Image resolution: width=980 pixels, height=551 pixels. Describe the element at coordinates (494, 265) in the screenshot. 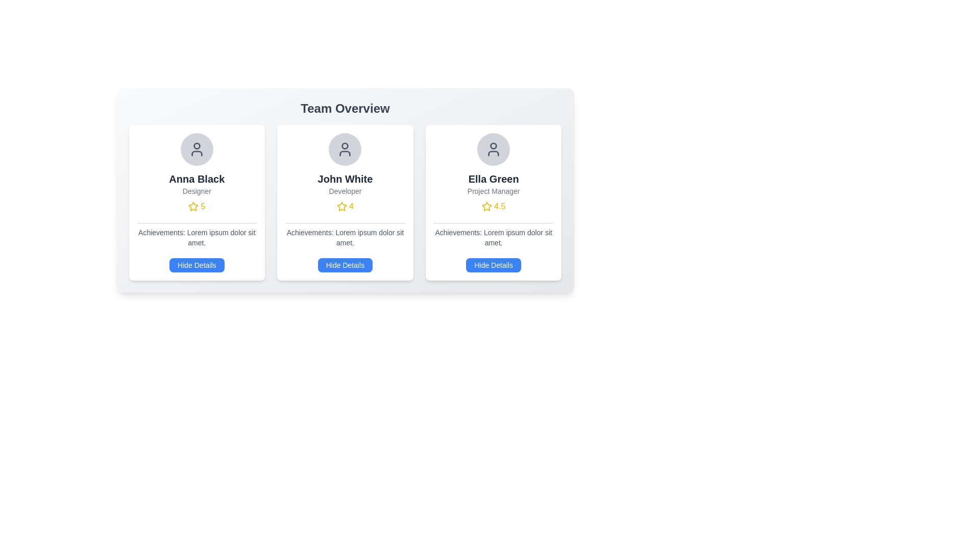

I see `the 'Hide Details' button located at the bottom center of the 'Ella Green' profile card` at that location.